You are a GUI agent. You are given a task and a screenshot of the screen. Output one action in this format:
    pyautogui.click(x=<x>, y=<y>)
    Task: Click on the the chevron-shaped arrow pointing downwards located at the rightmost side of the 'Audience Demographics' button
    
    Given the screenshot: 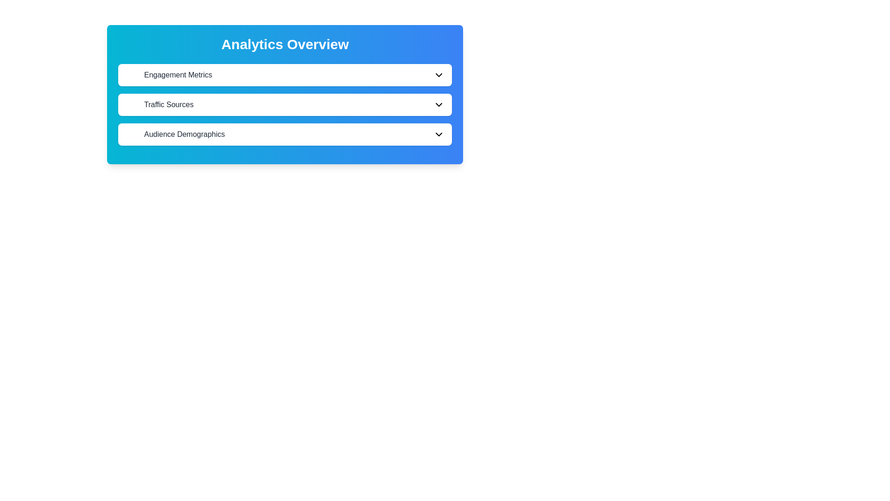 What is the action you would take?
    pyautogui.click(x=438, y=134)
    